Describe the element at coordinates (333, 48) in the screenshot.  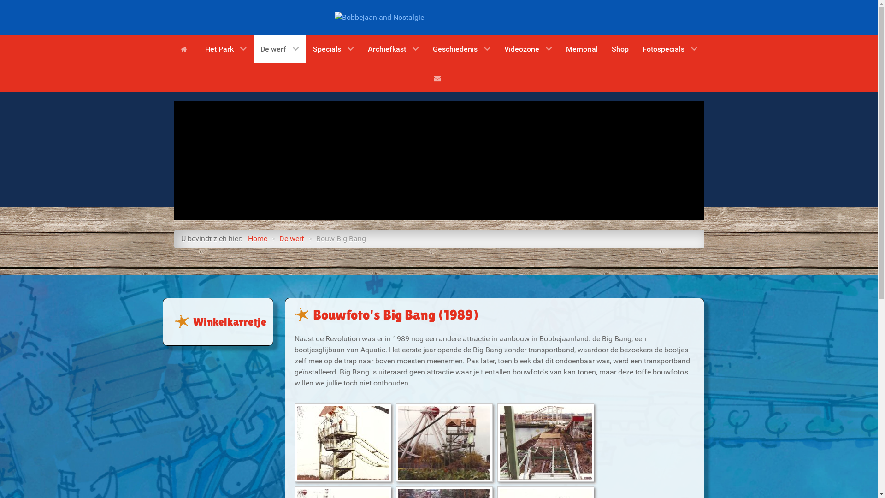
I see `'Specials'` at that location.